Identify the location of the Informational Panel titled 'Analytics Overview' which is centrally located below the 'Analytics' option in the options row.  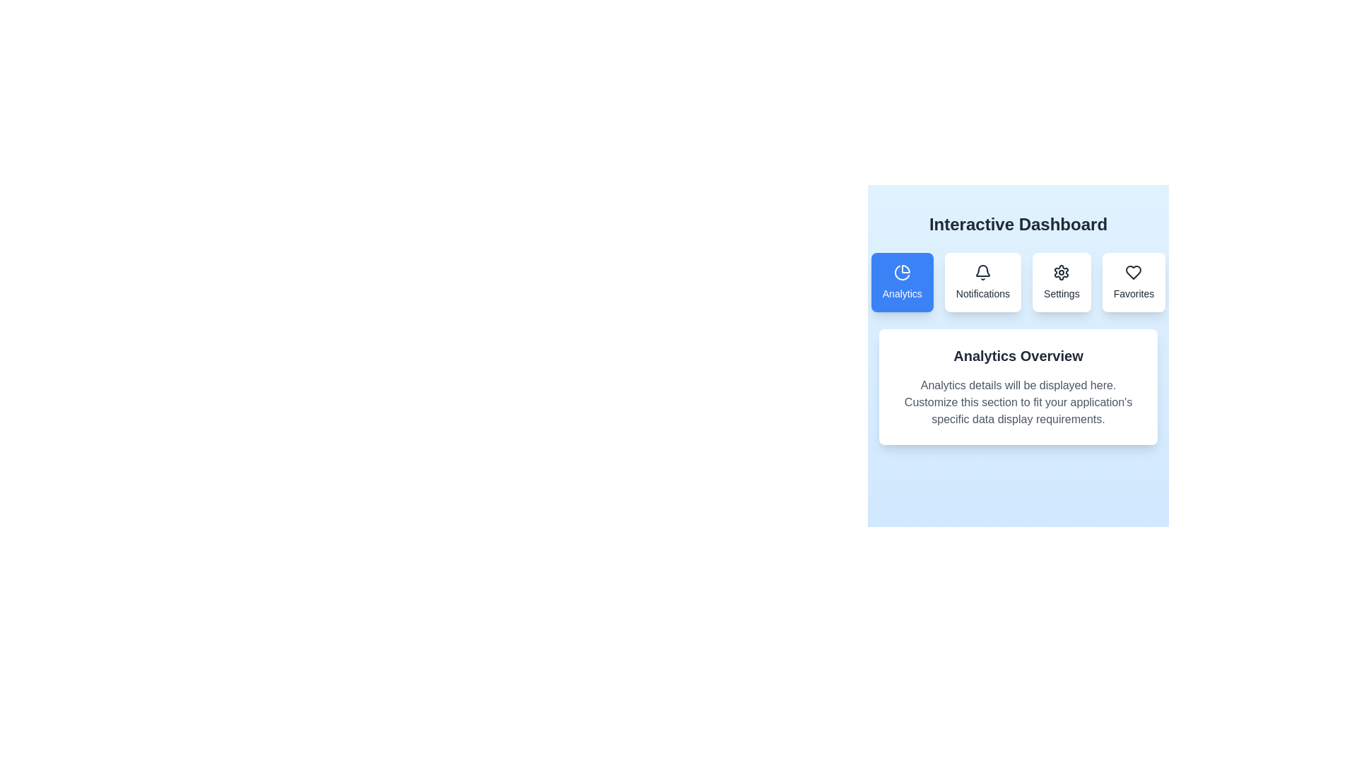
(1018, 386).